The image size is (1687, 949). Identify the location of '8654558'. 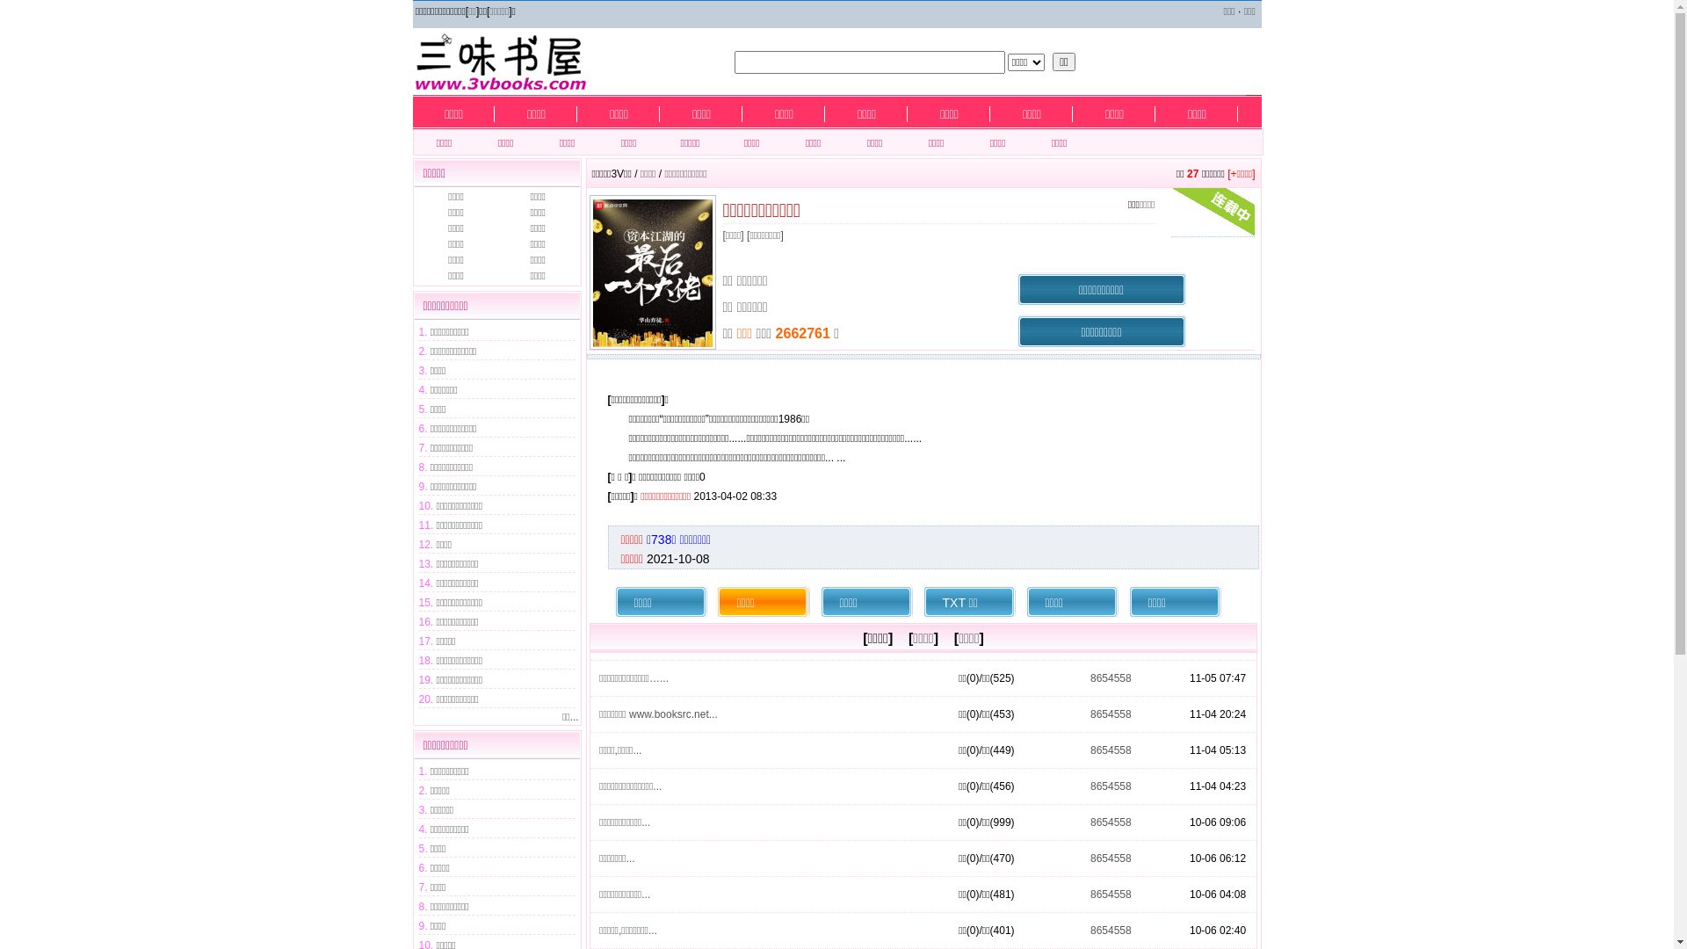
(1110, 930).